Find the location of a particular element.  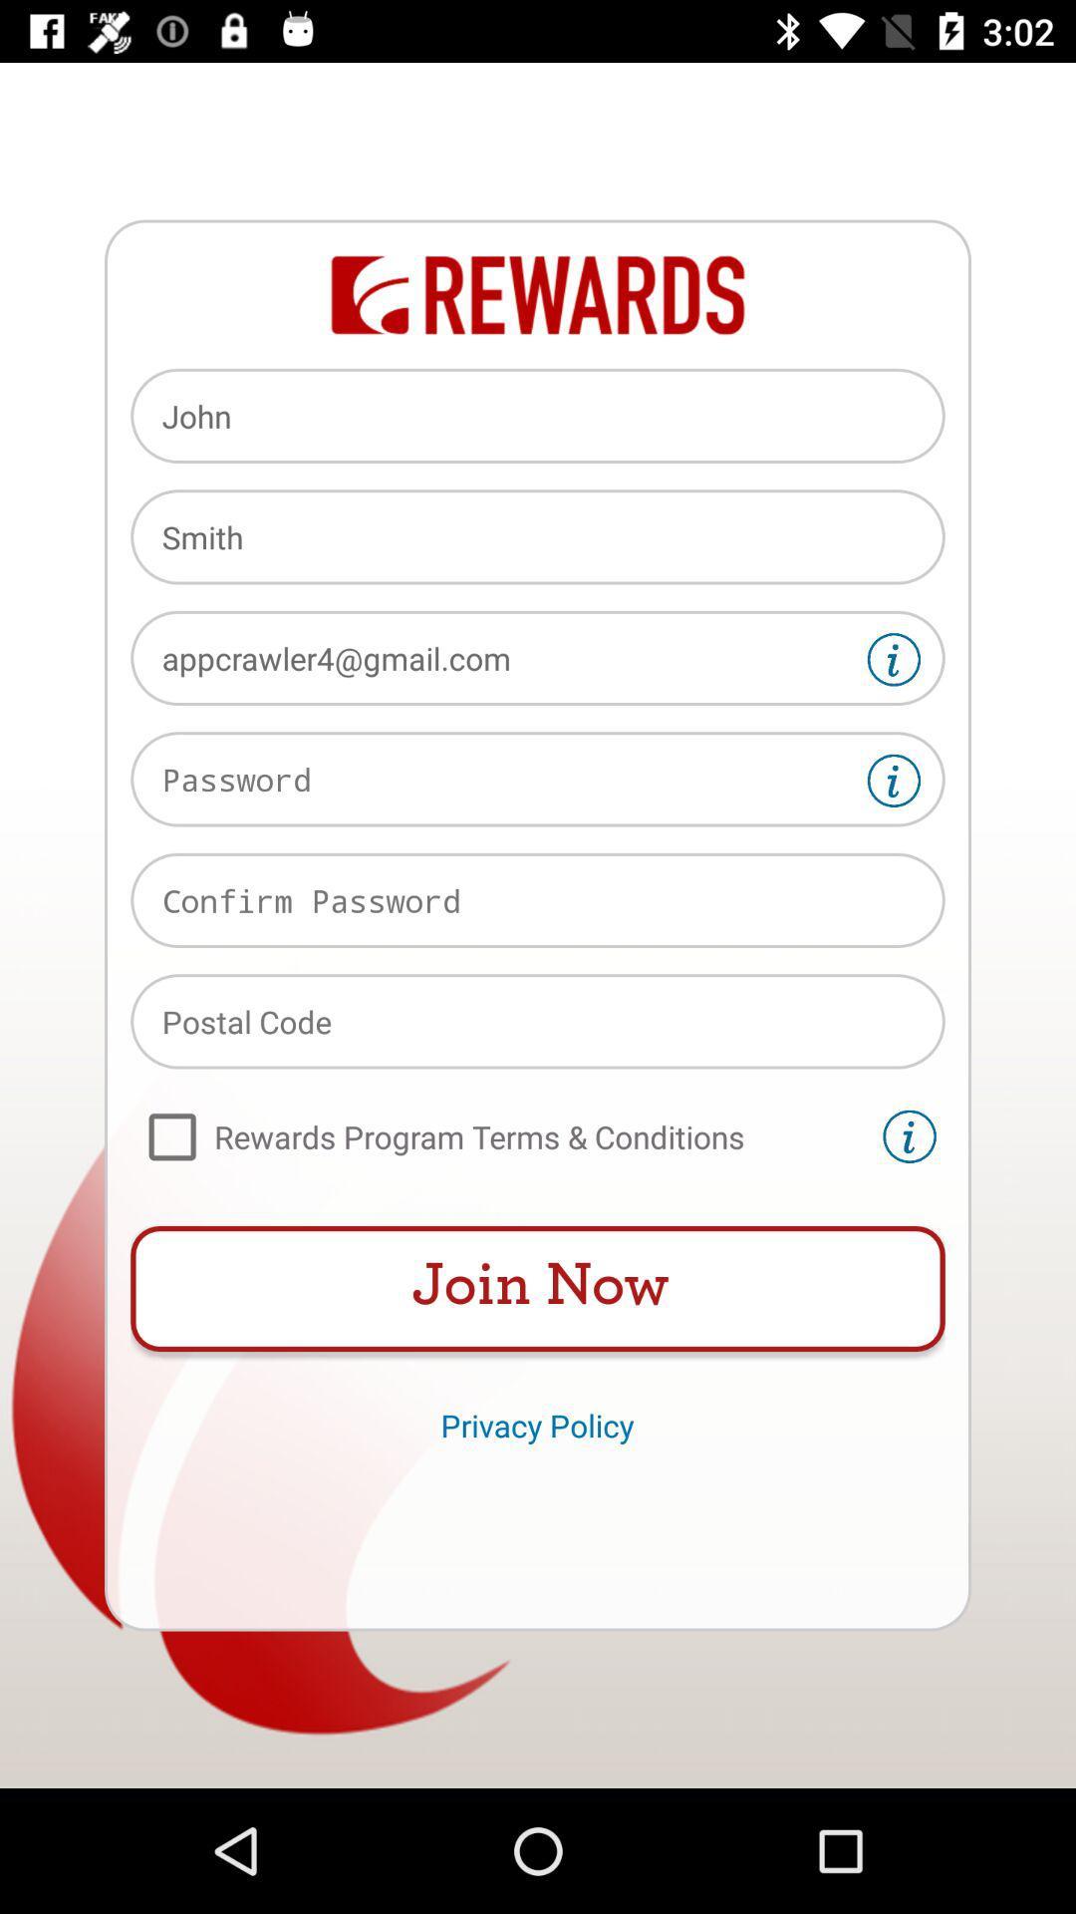

text box is located at coordinates (538, 778).